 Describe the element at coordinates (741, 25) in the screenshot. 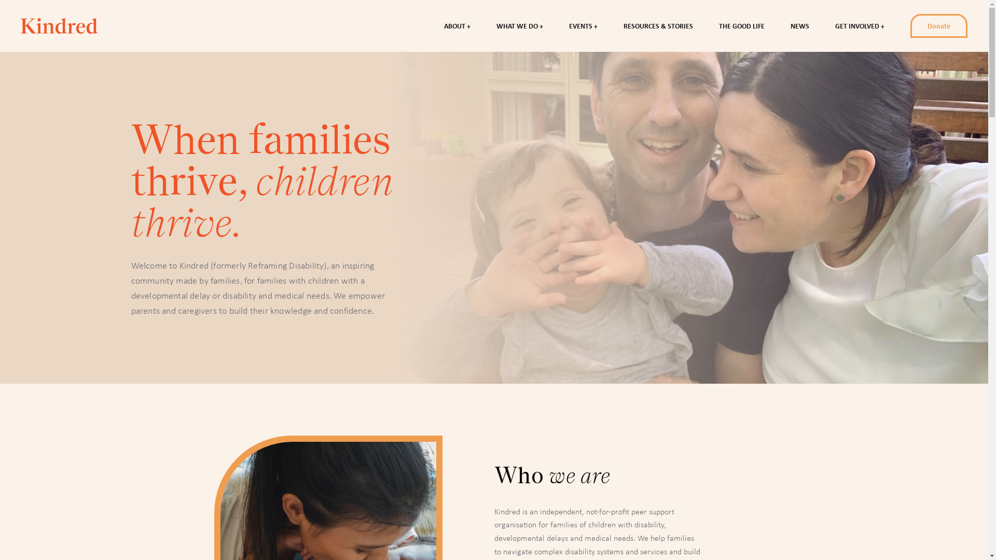

I see `'THE GOOD LIFE'` at that location.